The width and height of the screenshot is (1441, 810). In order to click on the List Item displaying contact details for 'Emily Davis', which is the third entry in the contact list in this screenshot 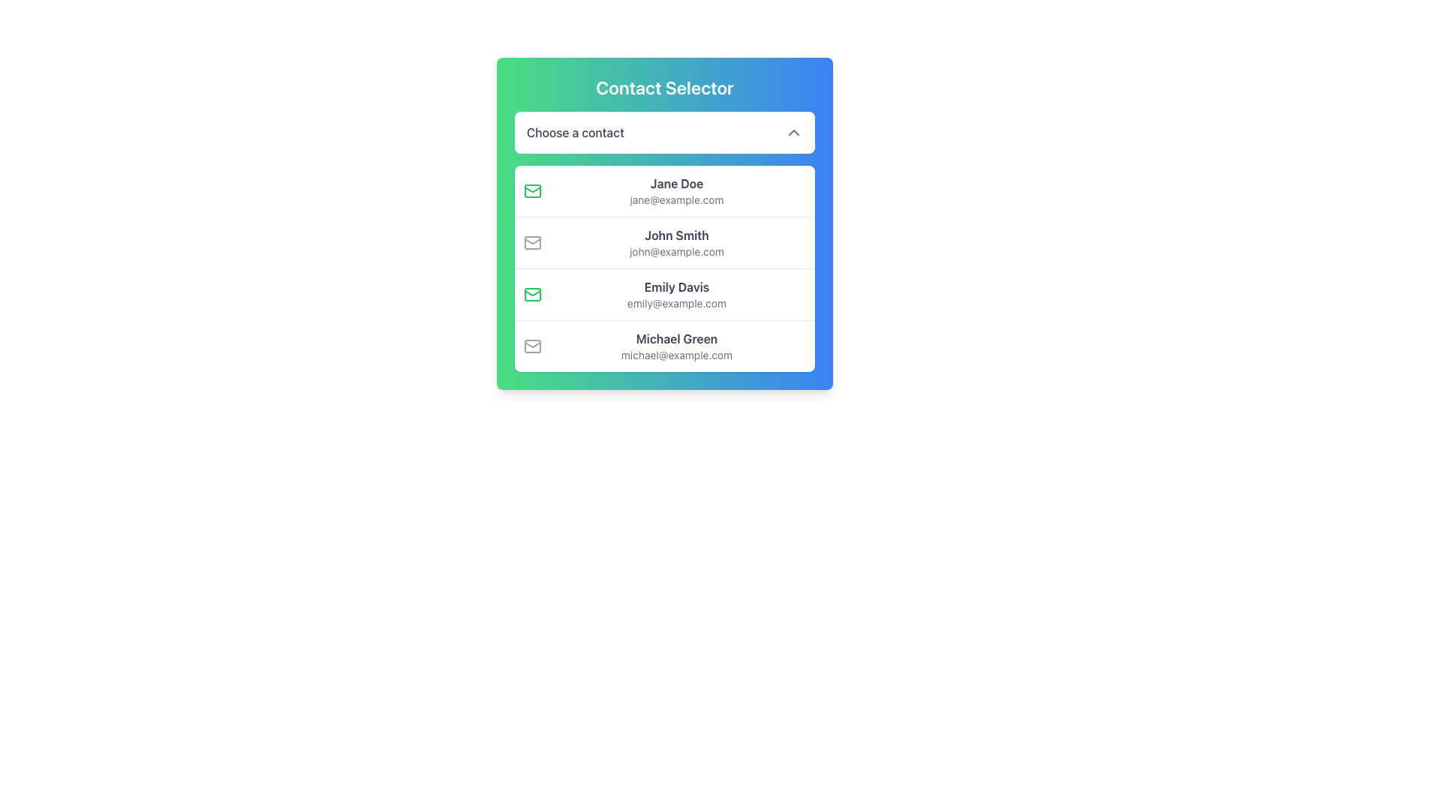, I will do `click(676, 295)`.